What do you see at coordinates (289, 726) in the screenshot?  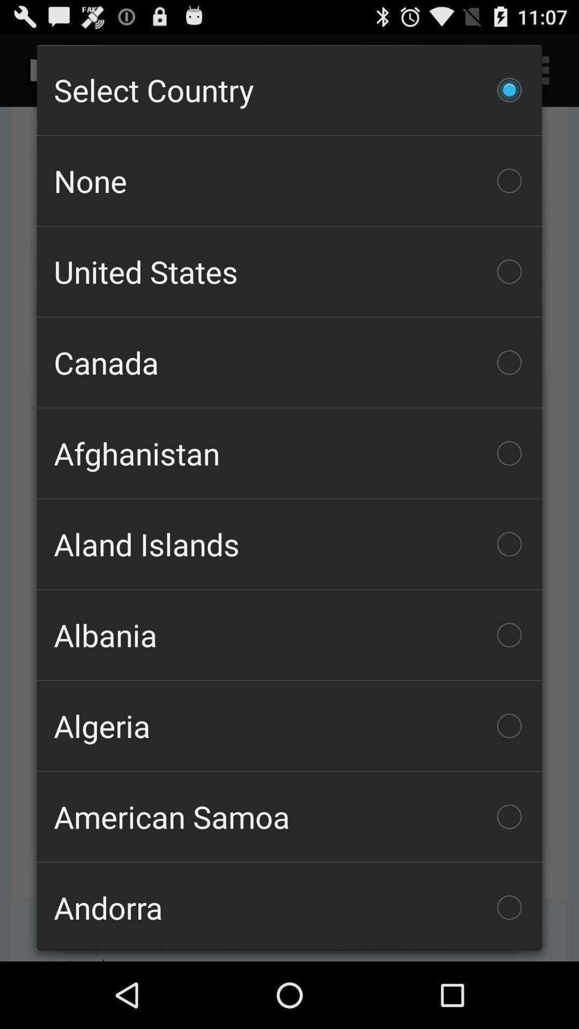 I see `the checkbox above american samoa icon` at bounding box center [289, 726].